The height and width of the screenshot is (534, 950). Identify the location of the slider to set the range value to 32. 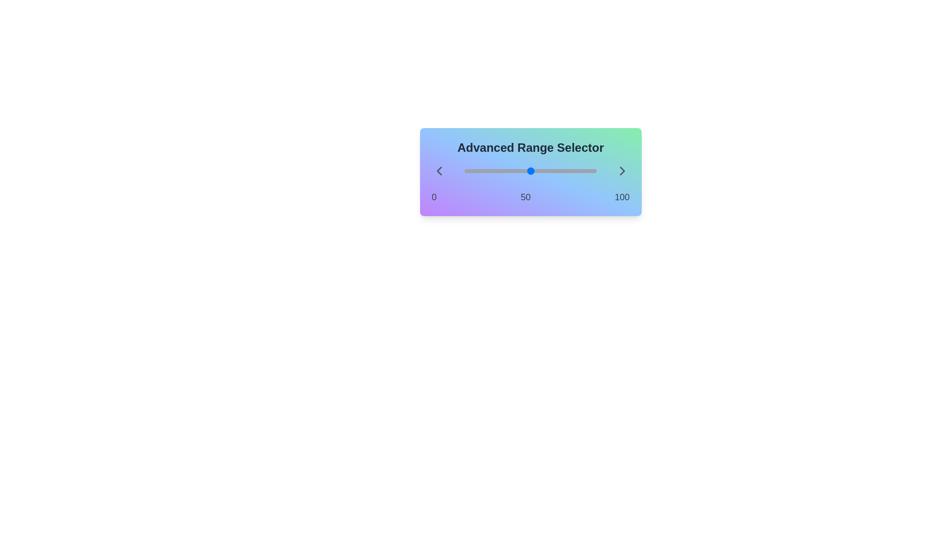
(464, 171).